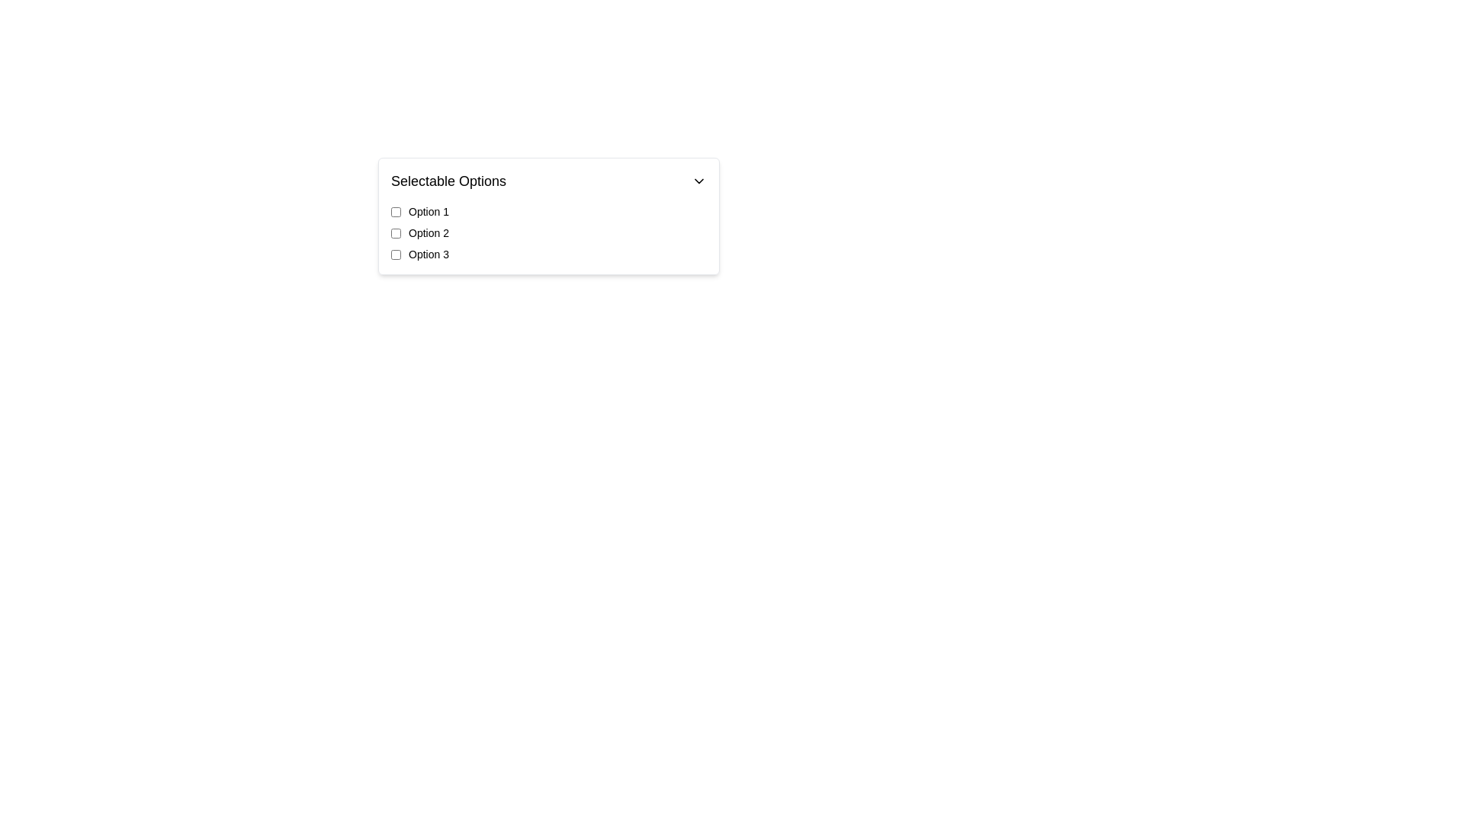  Describe the element at coordinates (428, 232) in the screenshot. I see `the text label 'Option 2' which serves as a label for the associated checkbox in the 'Selectable Options' group` at that location.